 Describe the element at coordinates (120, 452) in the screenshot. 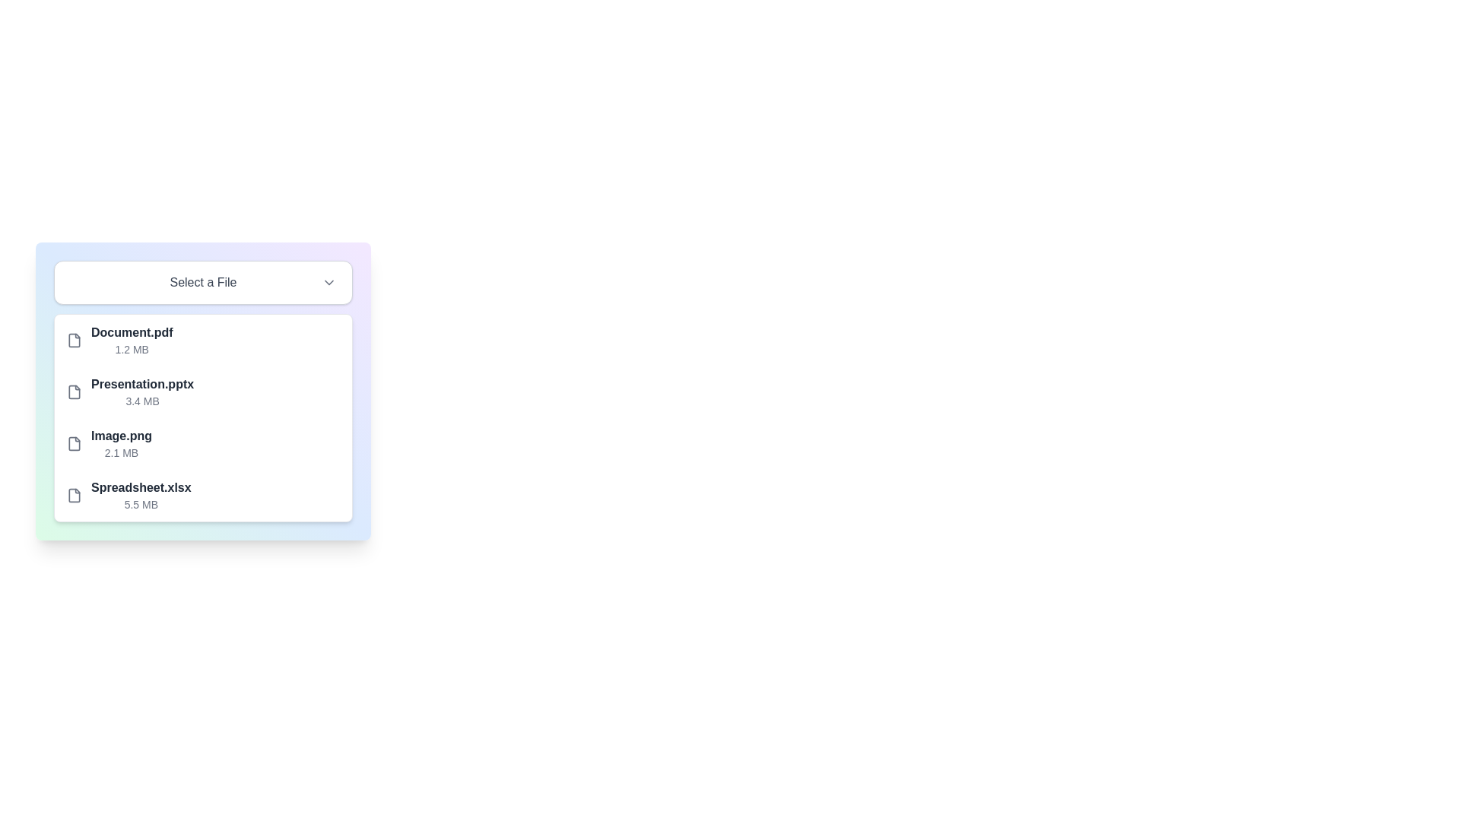

I see `the static text label displaying '2.1 MB', which is located directly below the file name 'Image.png' in the file list widget` at that location.